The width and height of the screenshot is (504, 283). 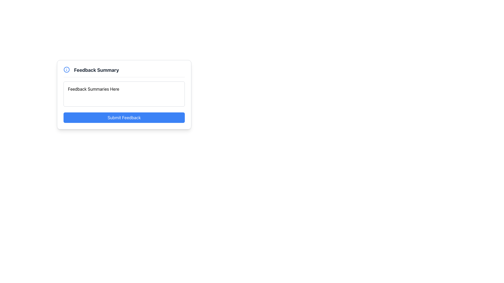 I want to click on the submit button located at the bottom of the feedback summary interface, so click(x=124, y=117).